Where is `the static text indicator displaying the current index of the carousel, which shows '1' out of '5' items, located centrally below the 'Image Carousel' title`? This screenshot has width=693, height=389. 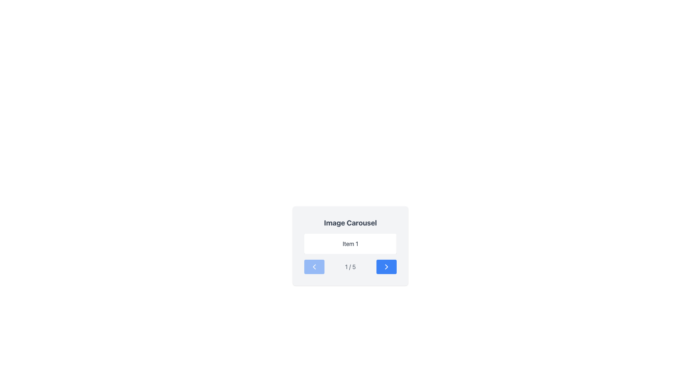 the static text indicator displaying the current index of the carousel, which shows '1' out of '5' items, located centrally below the 'Image Carousel' title is located at coordinates (350, 267).